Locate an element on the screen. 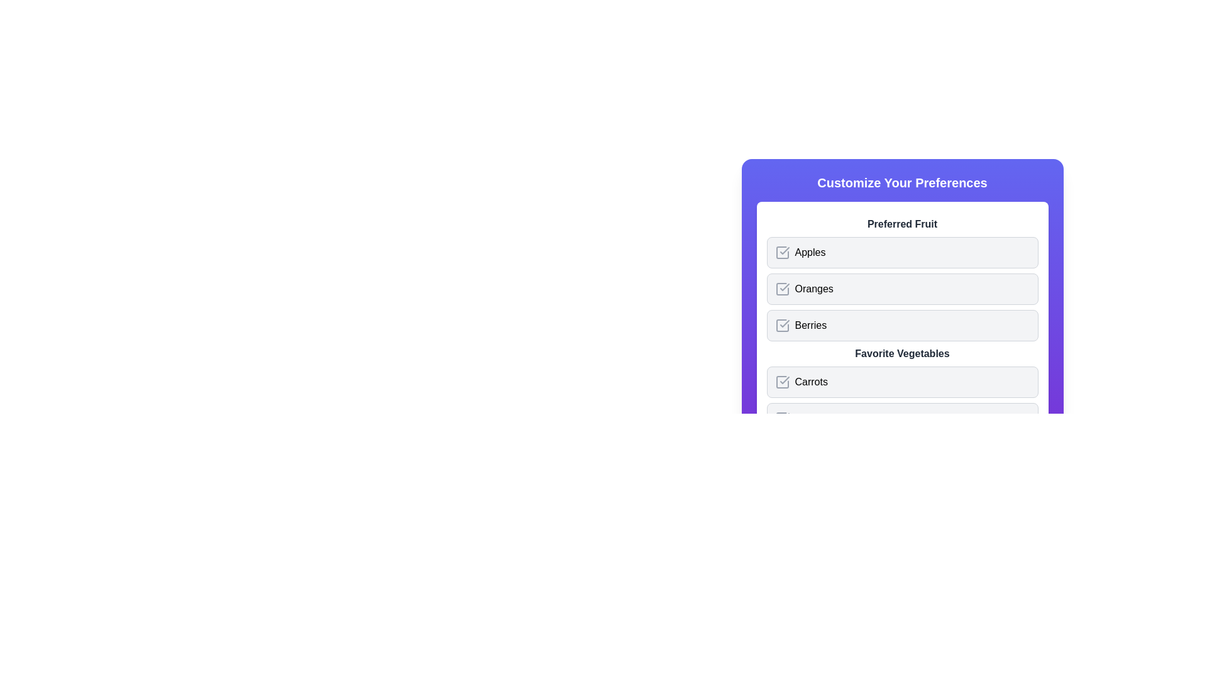  the text label that describes the checkbox for selecting the 'Oranges' preference, which is centrally aligned and located to the right of the corresponding checkbox is located at coordinates (814, 289).